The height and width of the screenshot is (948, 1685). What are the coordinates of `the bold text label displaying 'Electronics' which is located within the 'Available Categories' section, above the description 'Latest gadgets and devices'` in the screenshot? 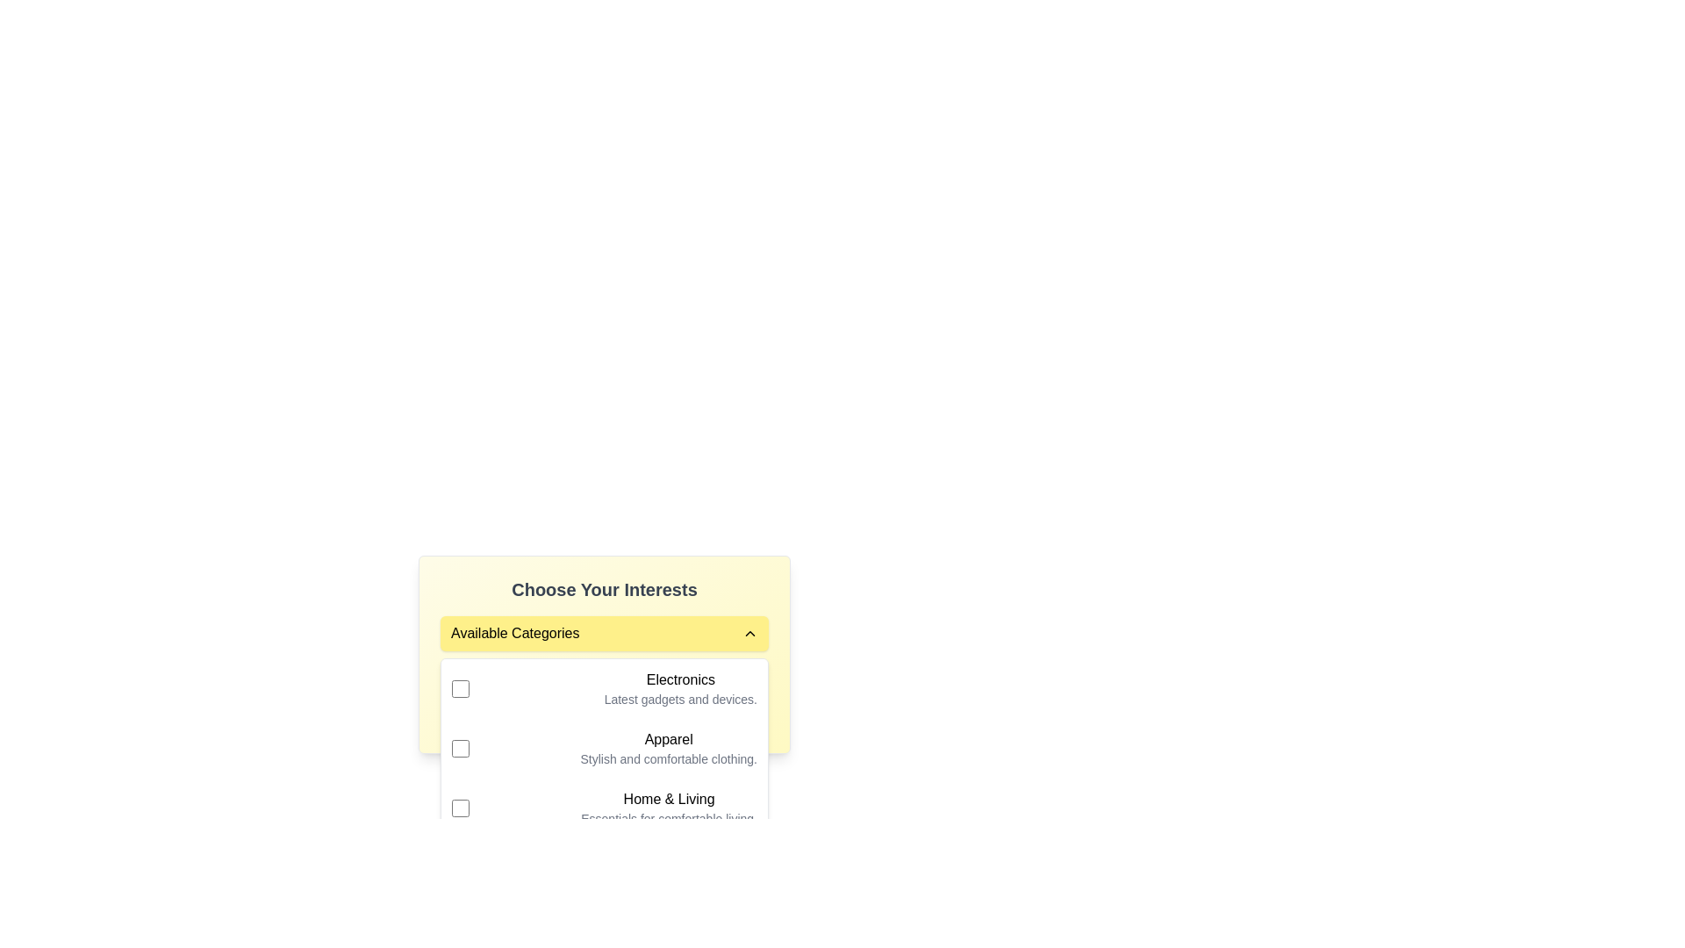 It's located at (679, 679).